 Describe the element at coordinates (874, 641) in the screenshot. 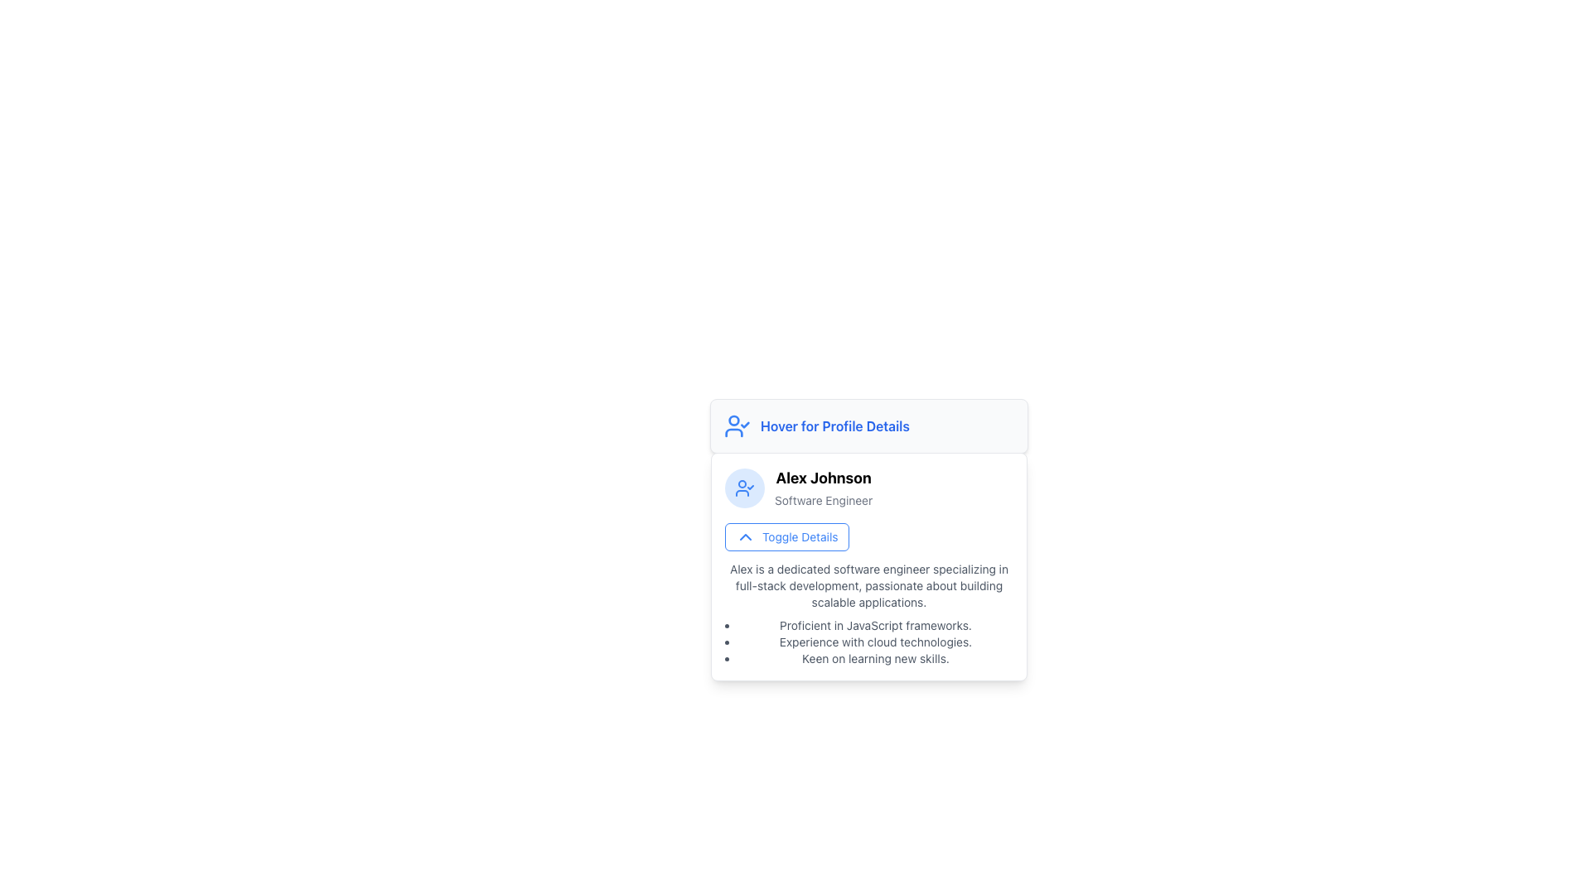

I see `static text displaying 'Experience with cloud technologies.' located as the second item in a bulleted list within the lower portion of the card` at that location.